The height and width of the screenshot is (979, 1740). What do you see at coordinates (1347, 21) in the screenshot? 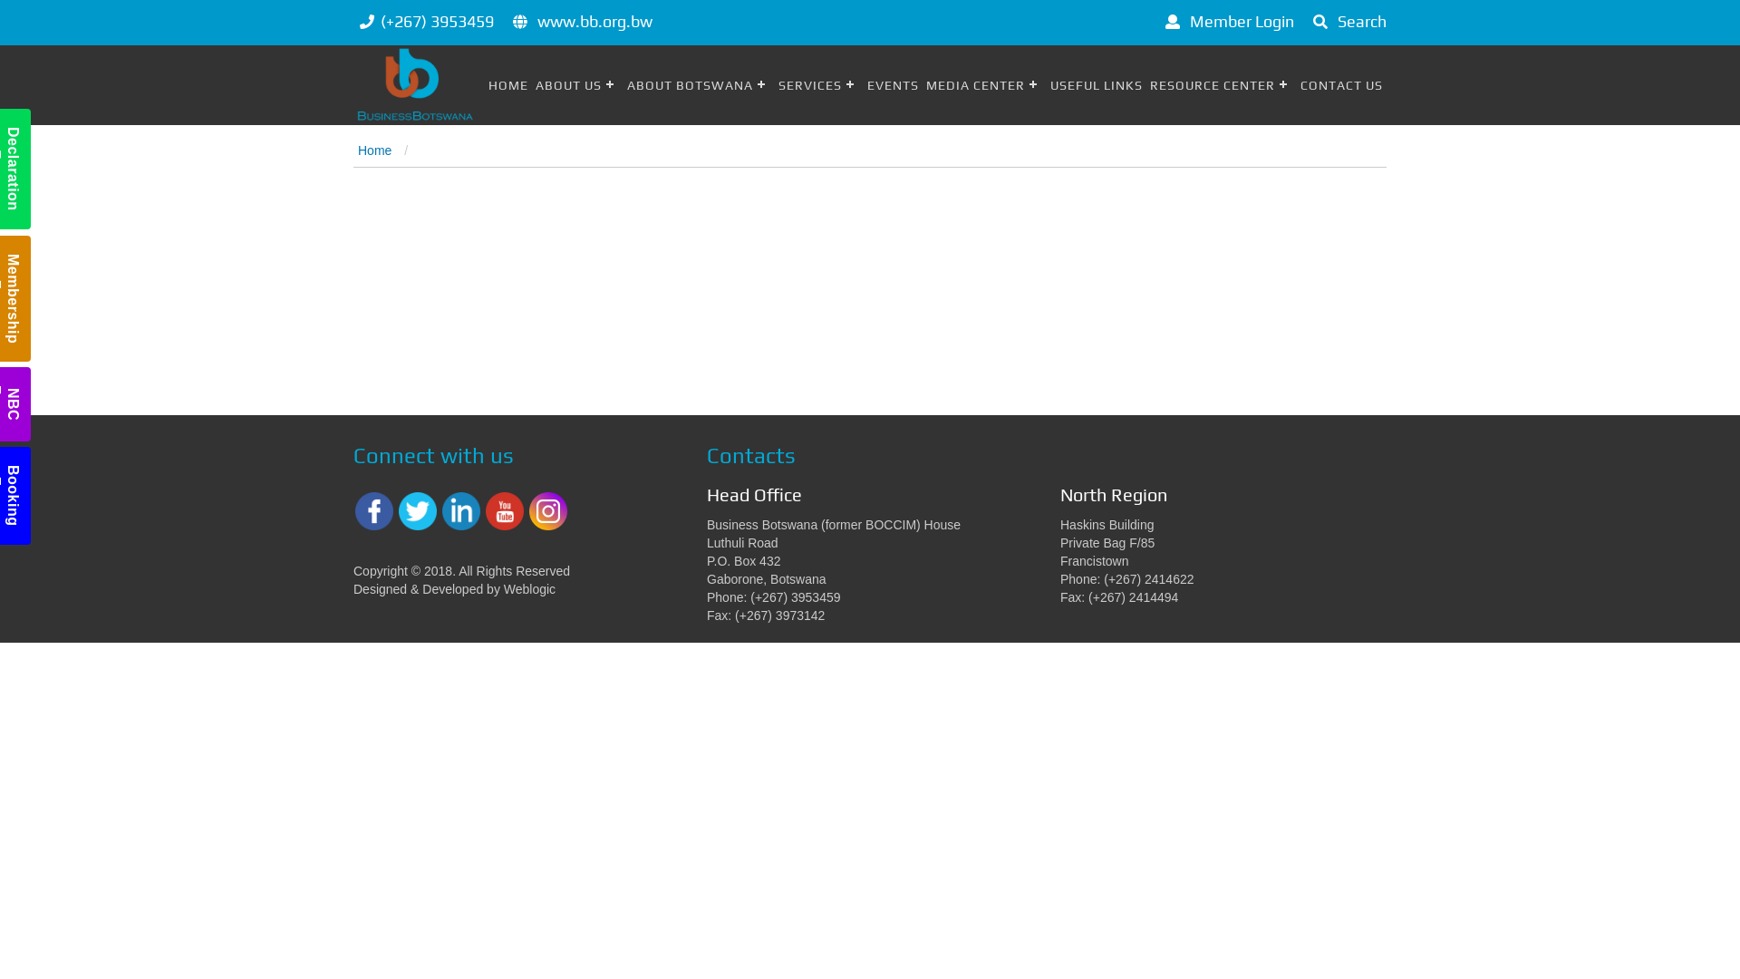
I see `'Search'` at bounding box center [1347, 21].